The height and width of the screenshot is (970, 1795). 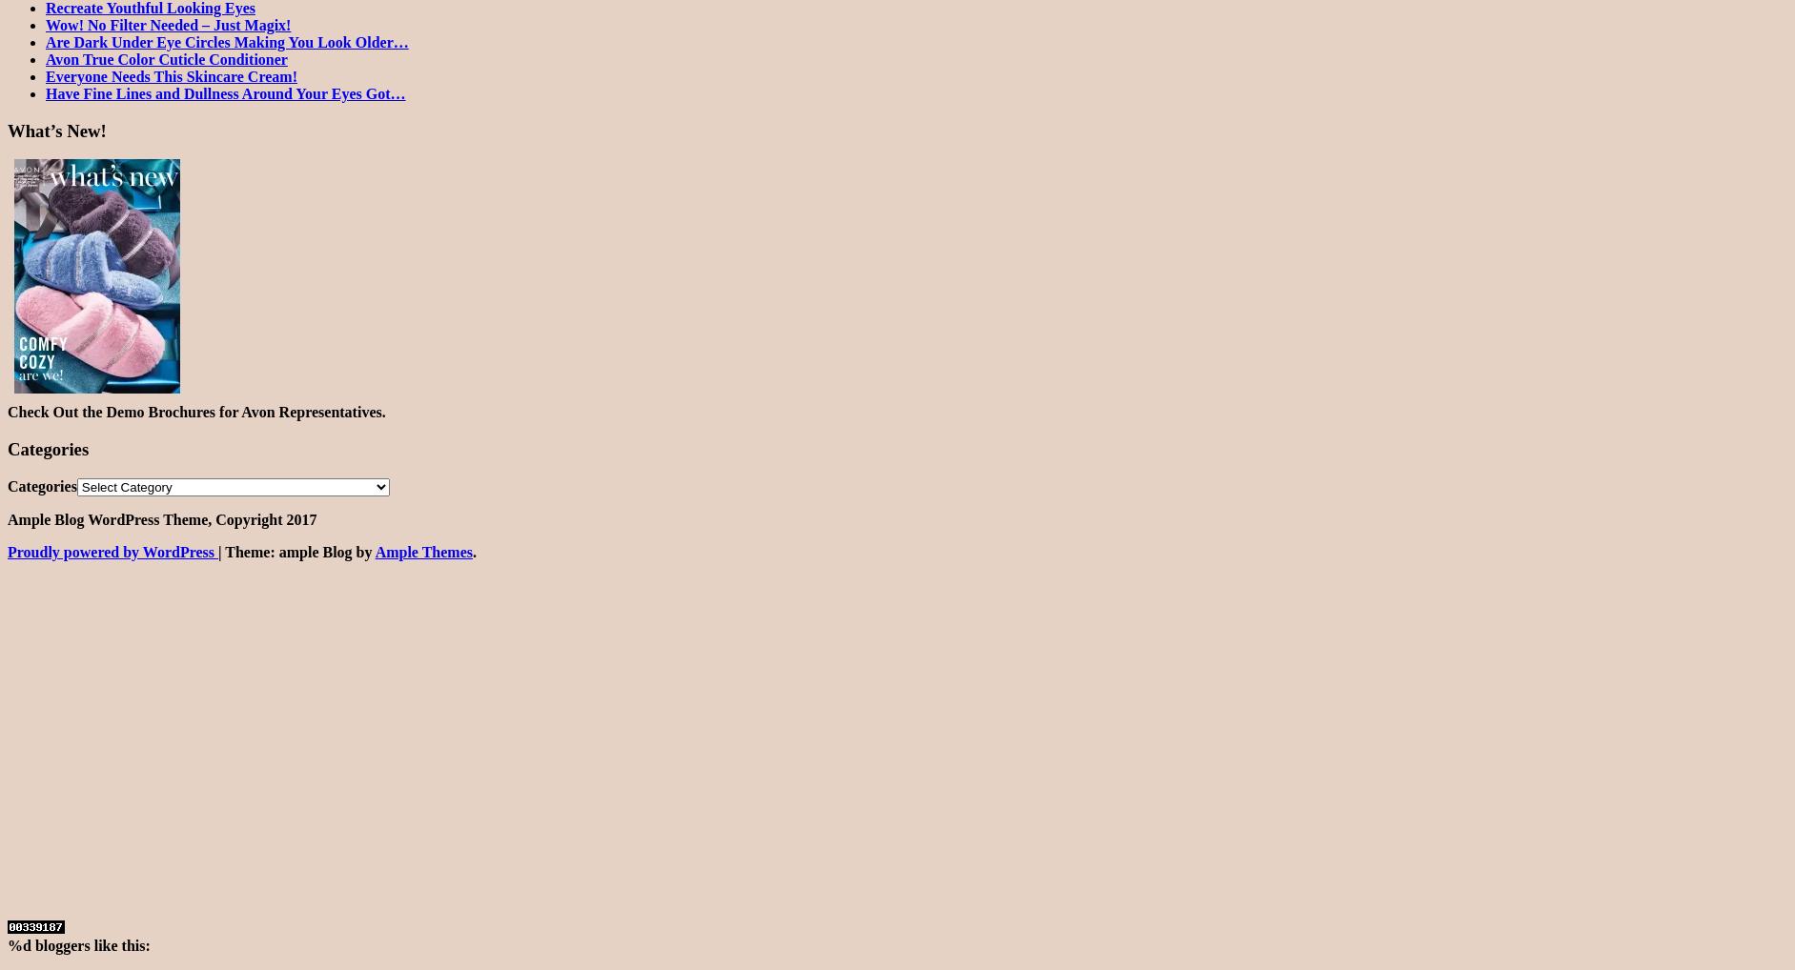 I want to click on 'Recreate Youthful Looking Eyes', so click(x=150, y=7).